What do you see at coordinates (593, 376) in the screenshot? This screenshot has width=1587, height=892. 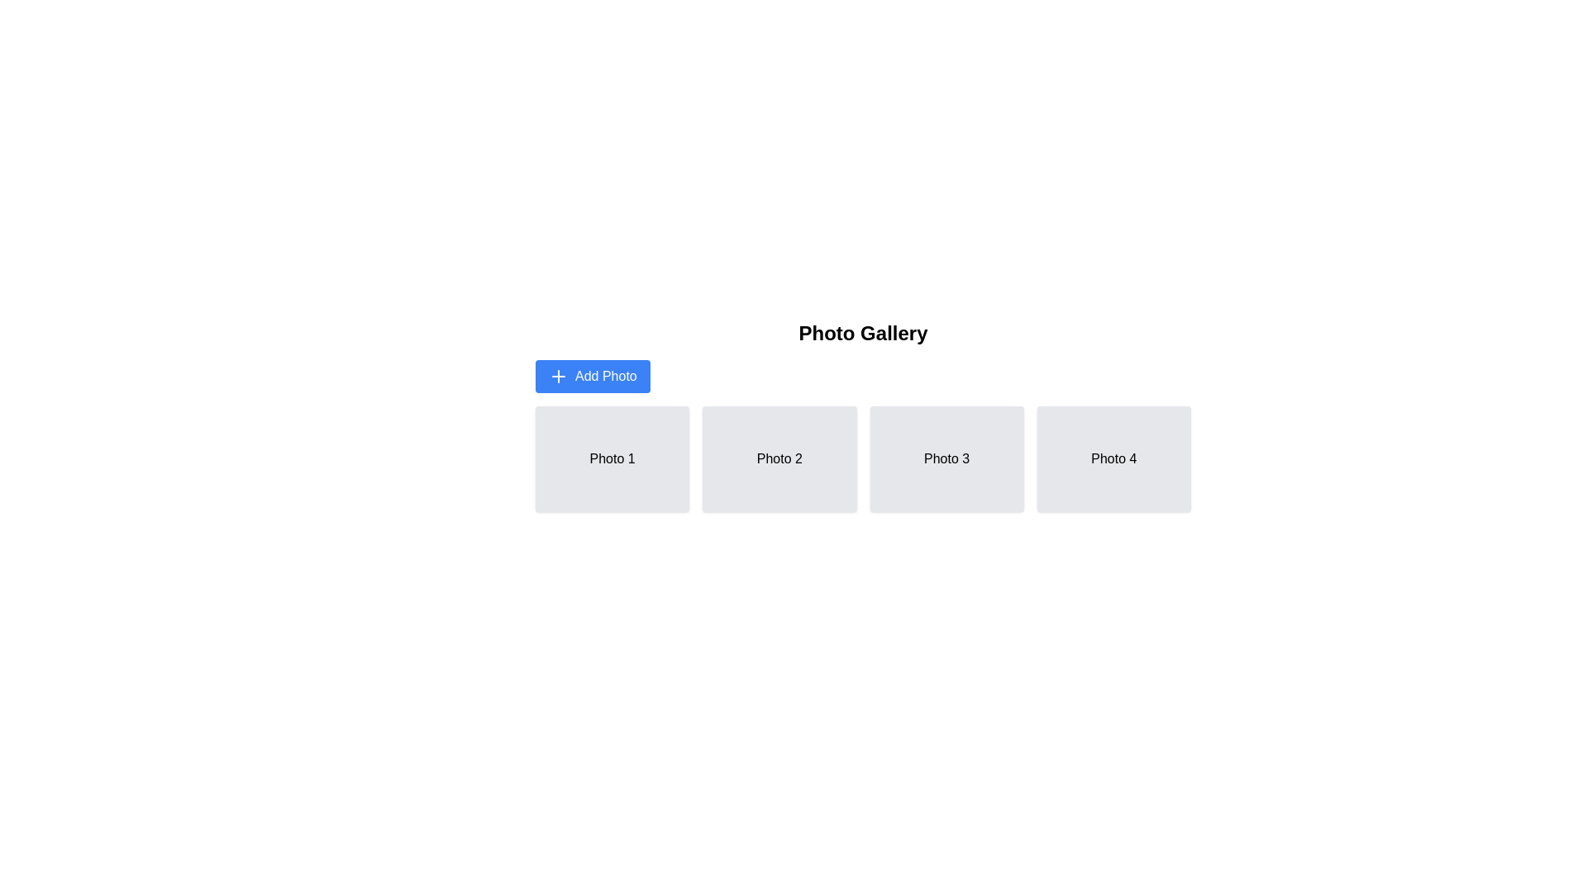 I see `the rectangular button with a bright blue background labeled 'Add Photo', which is located beneath the 'Photo Gallery' text` at bounding box center [593, 376].